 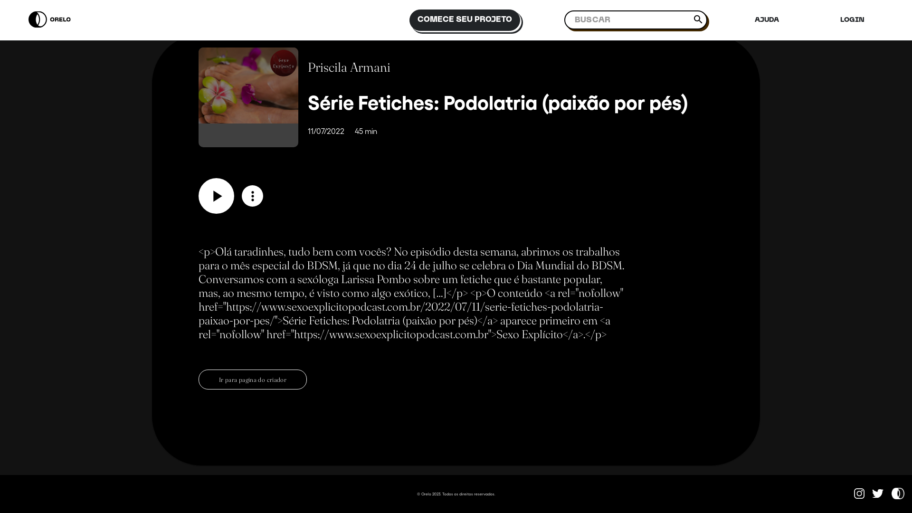 What do you see at coordinates (751, 20) in the screenshot?
I see `'AJUDA'` at bounding box center [751, 20].